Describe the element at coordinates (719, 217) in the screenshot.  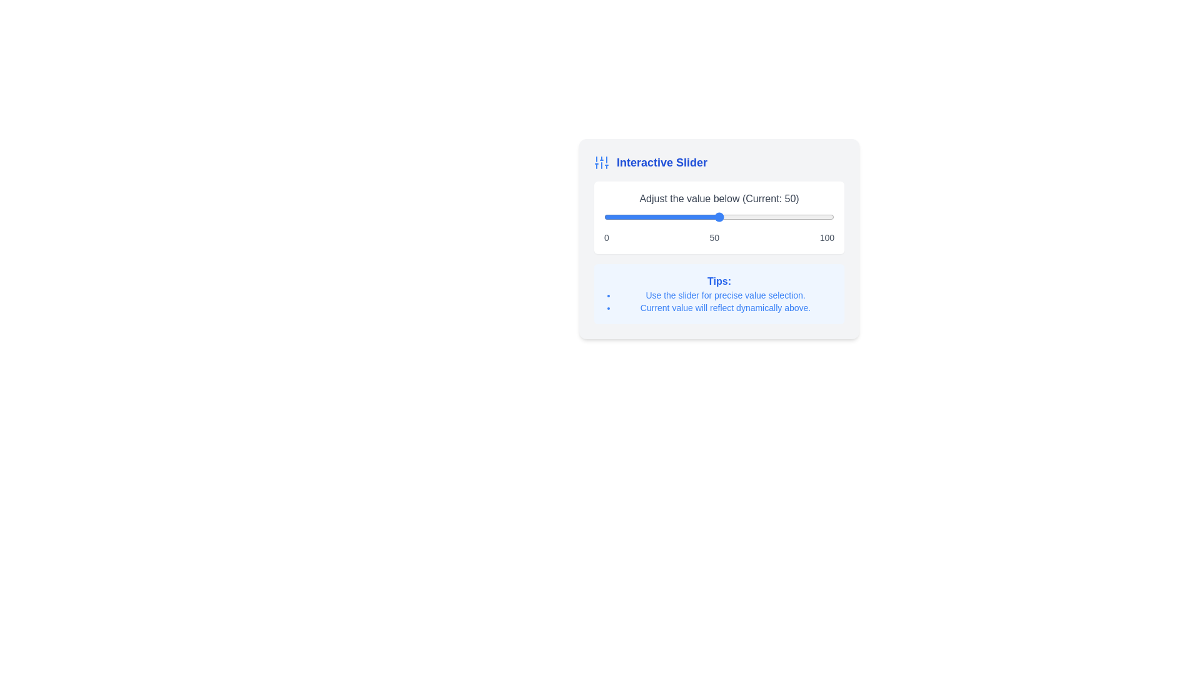
I see `the knob of the Range slider located below the label 'Adjust the value below (Current: 50)'` at that location.